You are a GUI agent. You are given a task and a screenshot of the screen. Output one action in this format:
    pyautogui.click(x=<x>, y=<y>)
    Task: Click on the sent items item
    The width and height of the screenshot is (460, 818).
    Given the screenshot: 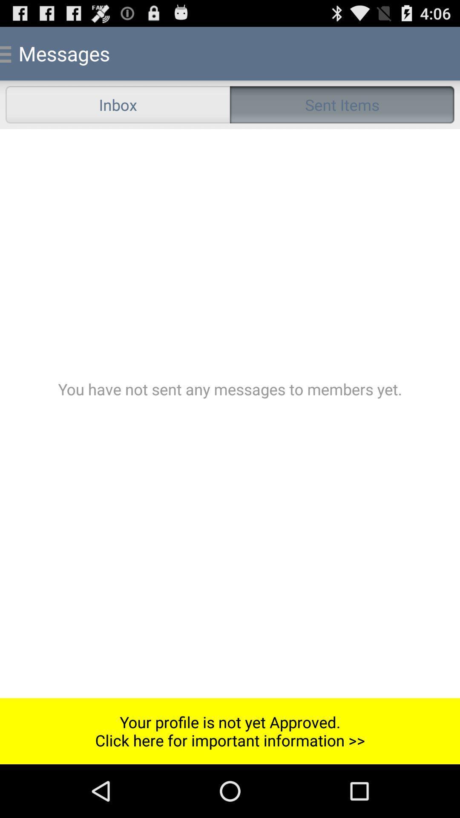 What is the action you would take?
    pyautogui.click(x=342, y=104)
    